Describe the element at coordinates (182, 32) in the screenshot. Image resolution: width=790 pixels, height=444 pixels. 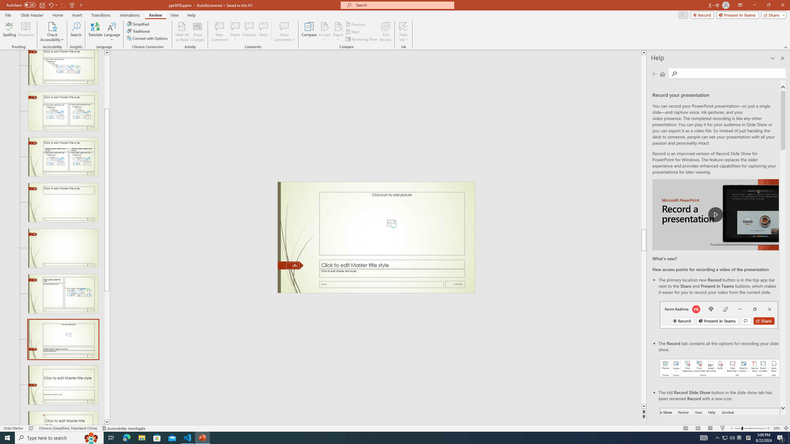
I see `'Mark All as Read'` at that location.